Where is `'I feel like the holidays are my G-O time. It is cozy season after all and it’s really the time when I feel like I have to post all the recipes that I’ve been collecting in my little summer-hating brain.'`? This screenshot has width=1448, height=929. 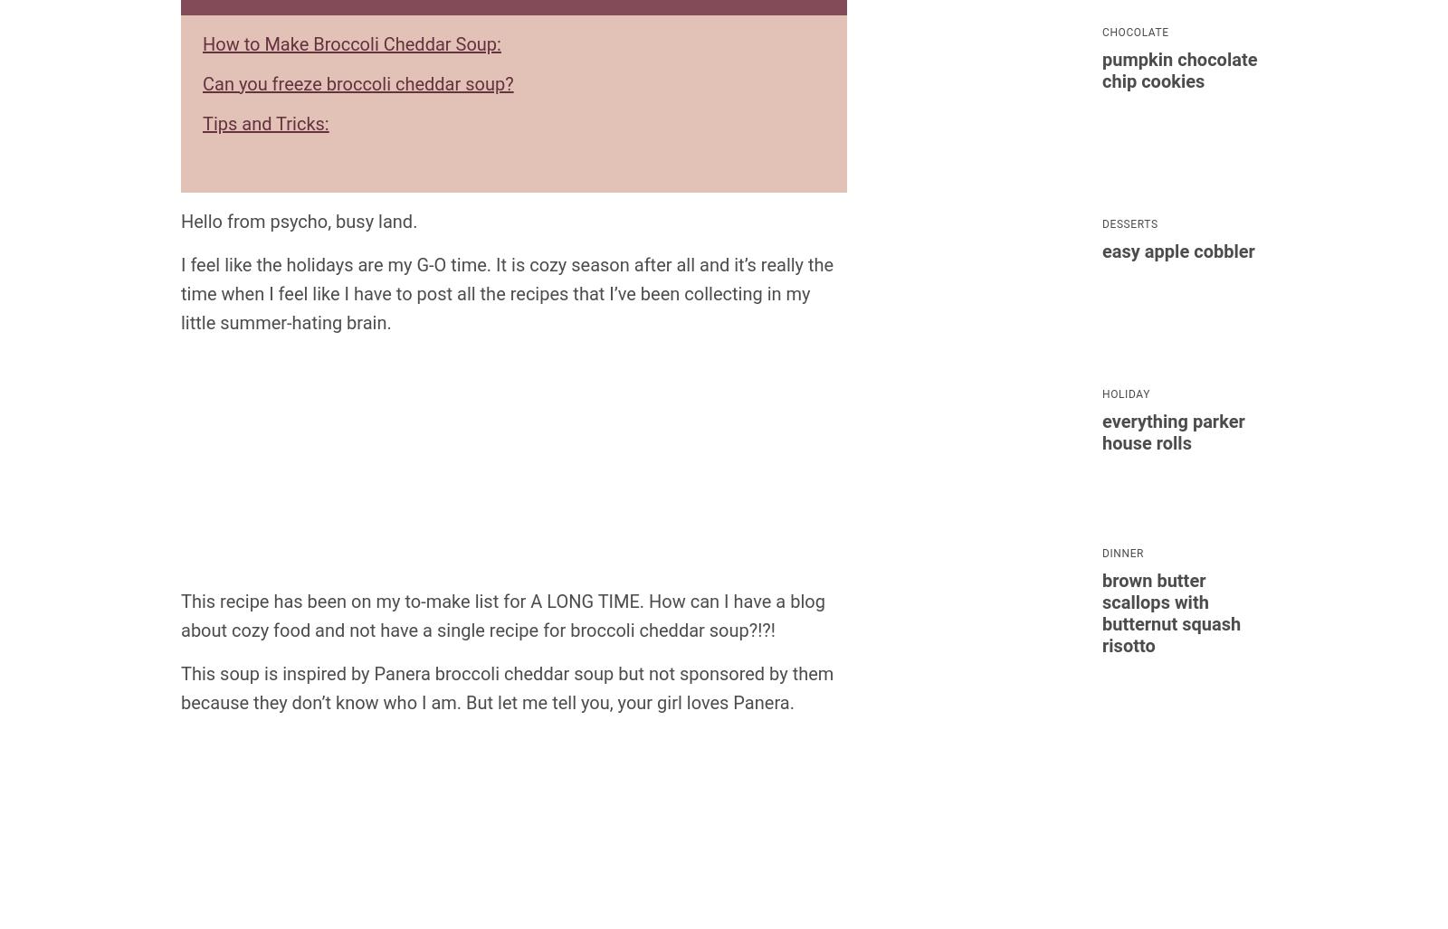
'I feel like the holidays are my G-O time. It is cozy season after all and it’s really the time when I feel like I have to post all the recipes that I’ve been collecting in my little summer-hating brain.' is located at coordinates (506, 292).